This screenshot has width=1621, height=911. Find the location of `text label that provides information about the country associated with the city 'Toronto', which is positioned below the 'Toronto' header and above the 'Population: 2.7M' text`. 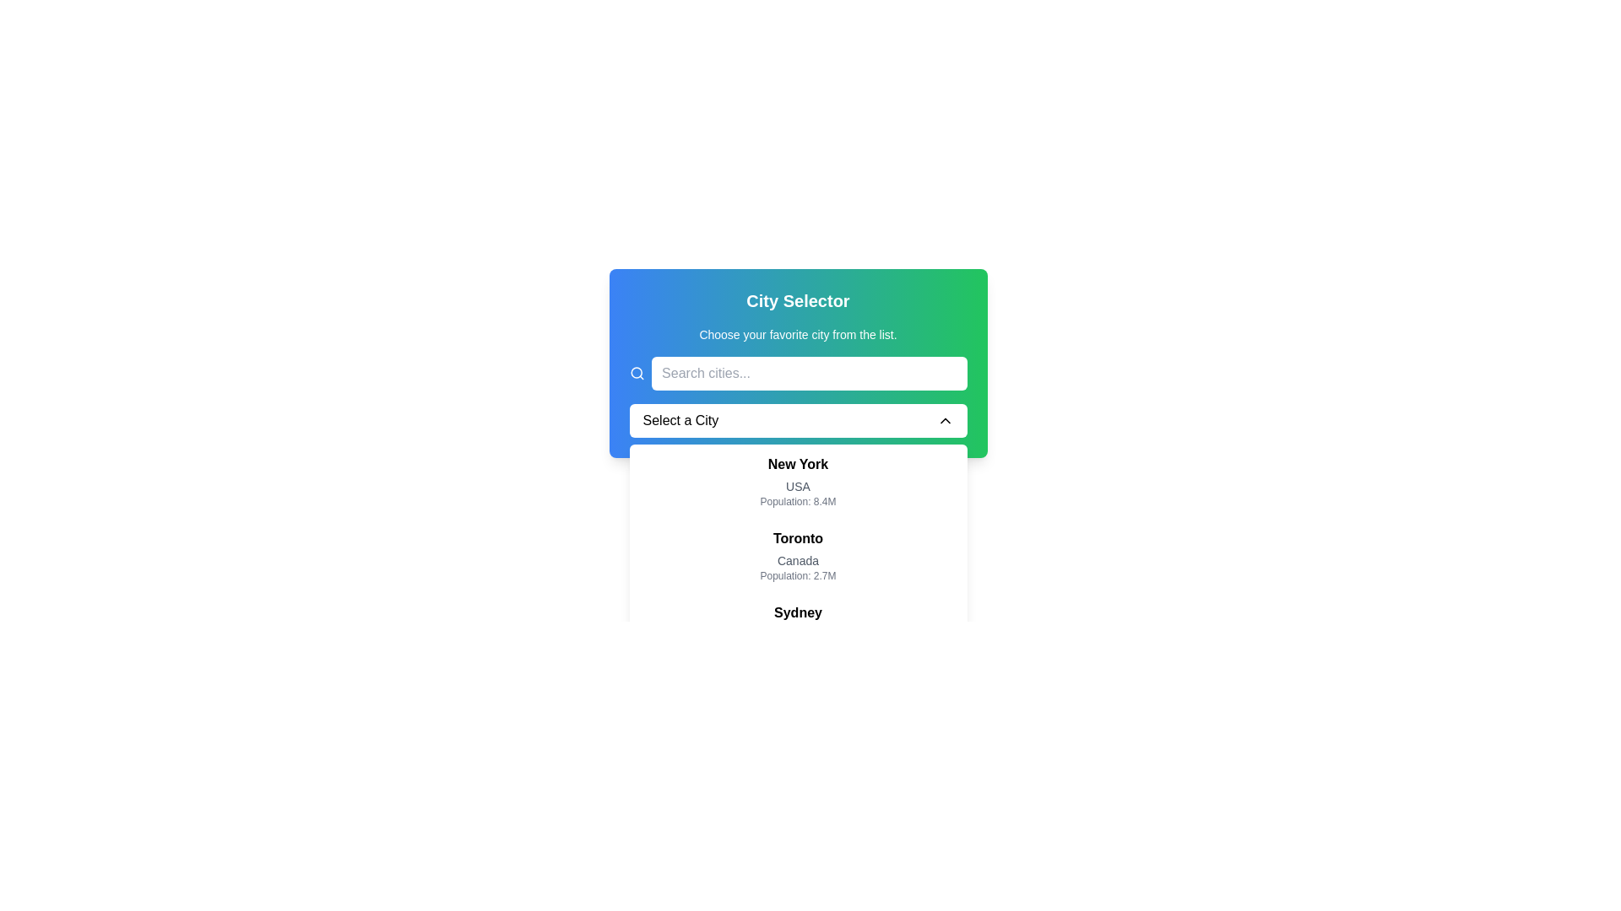

text label that provides information about the country associated with the city 'Toronto', which is positioned below the 'Toronto' header and above the 'Population: 2.7M' text is located at coordinates (797, 560).